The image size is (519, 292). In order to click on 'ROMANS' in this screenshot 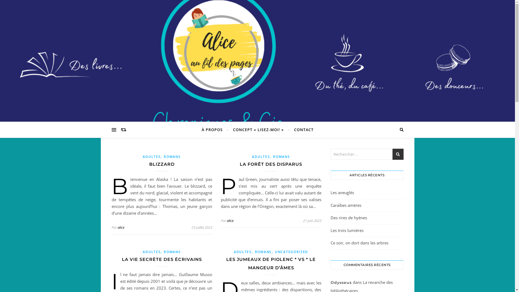, I will do `click(273, 157)`.